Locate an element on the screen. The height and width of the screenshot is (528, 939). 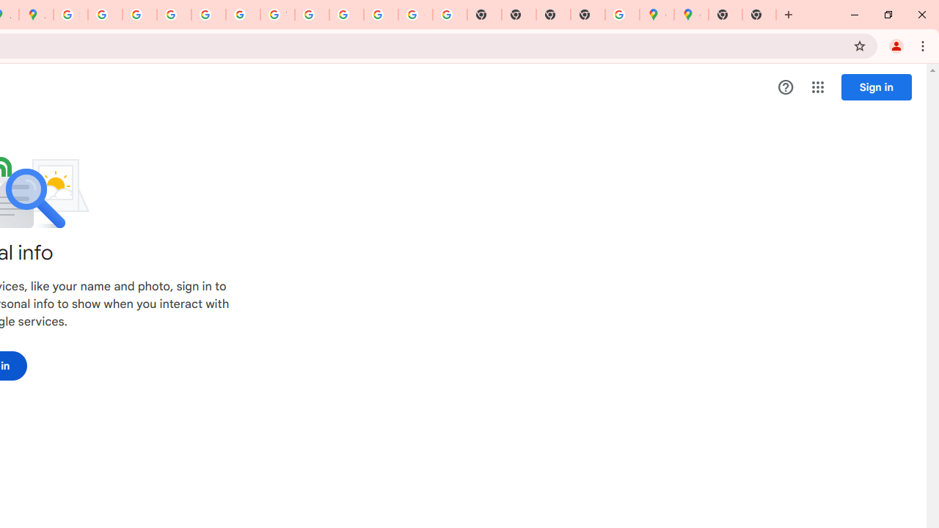
'Google Maps' is located at coordinates (656, 15).